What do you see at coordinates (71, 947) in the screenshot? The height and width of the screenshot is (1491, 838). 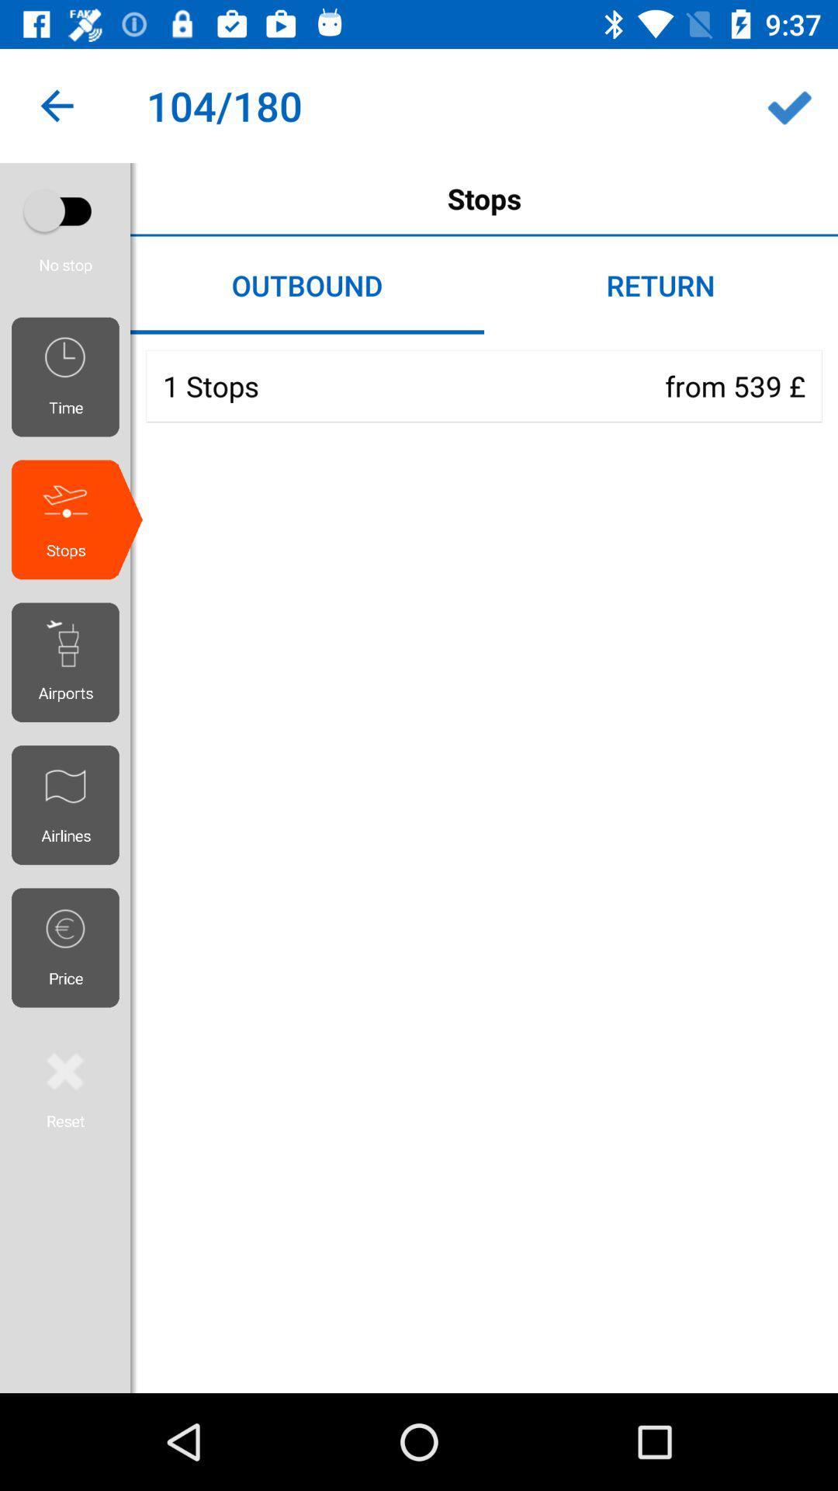 I see `icon below the airlines item` at bounding box center [71, 947].